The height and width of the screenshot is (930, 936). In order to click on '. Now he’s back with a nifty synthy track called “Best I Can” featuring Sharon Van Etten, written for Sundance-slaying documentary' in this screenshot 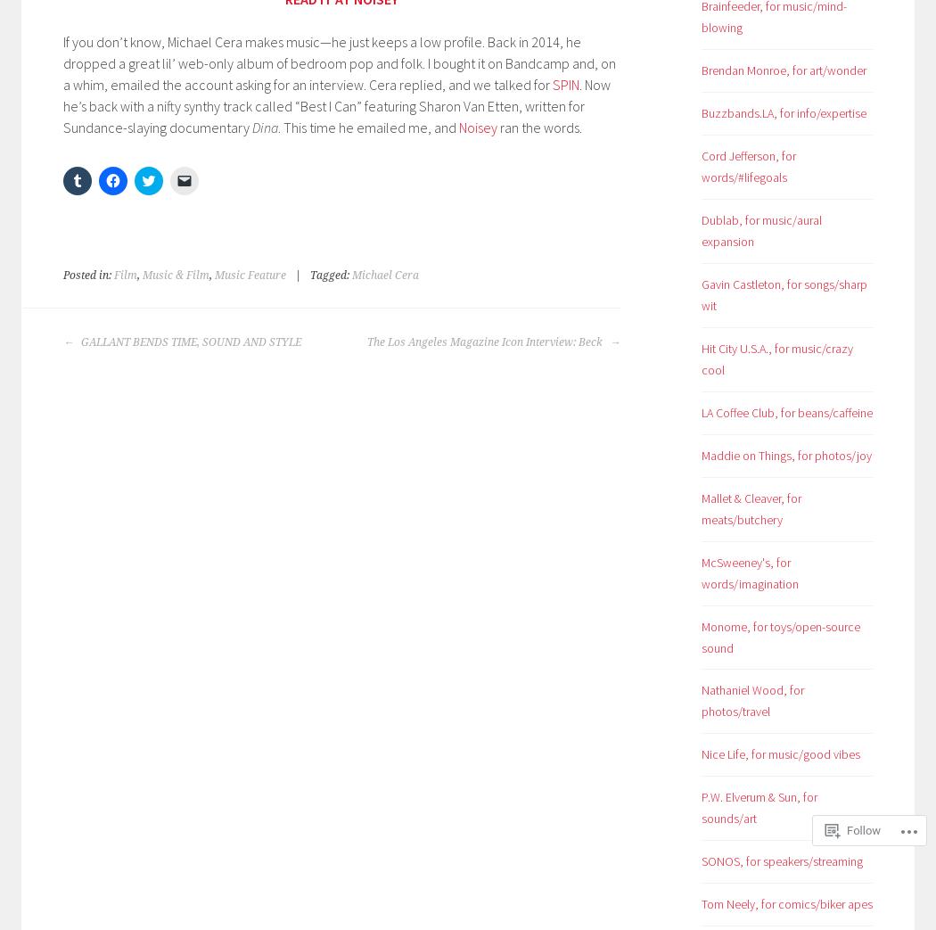, I will do `click(337, 104)`.